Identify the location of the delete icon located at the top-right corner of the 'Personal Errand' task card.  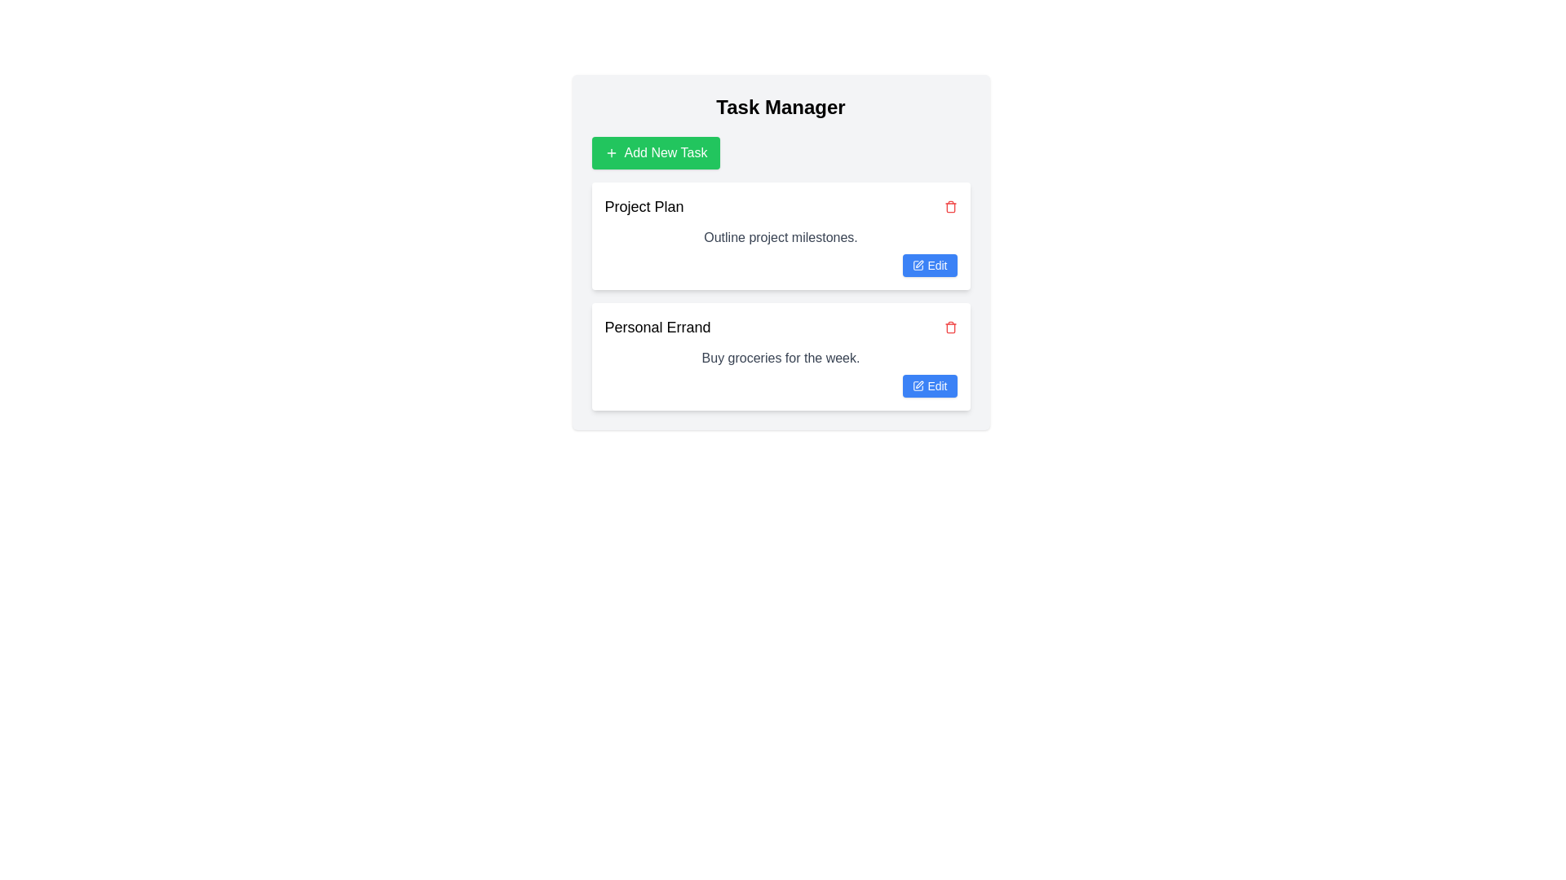
(950, 328).